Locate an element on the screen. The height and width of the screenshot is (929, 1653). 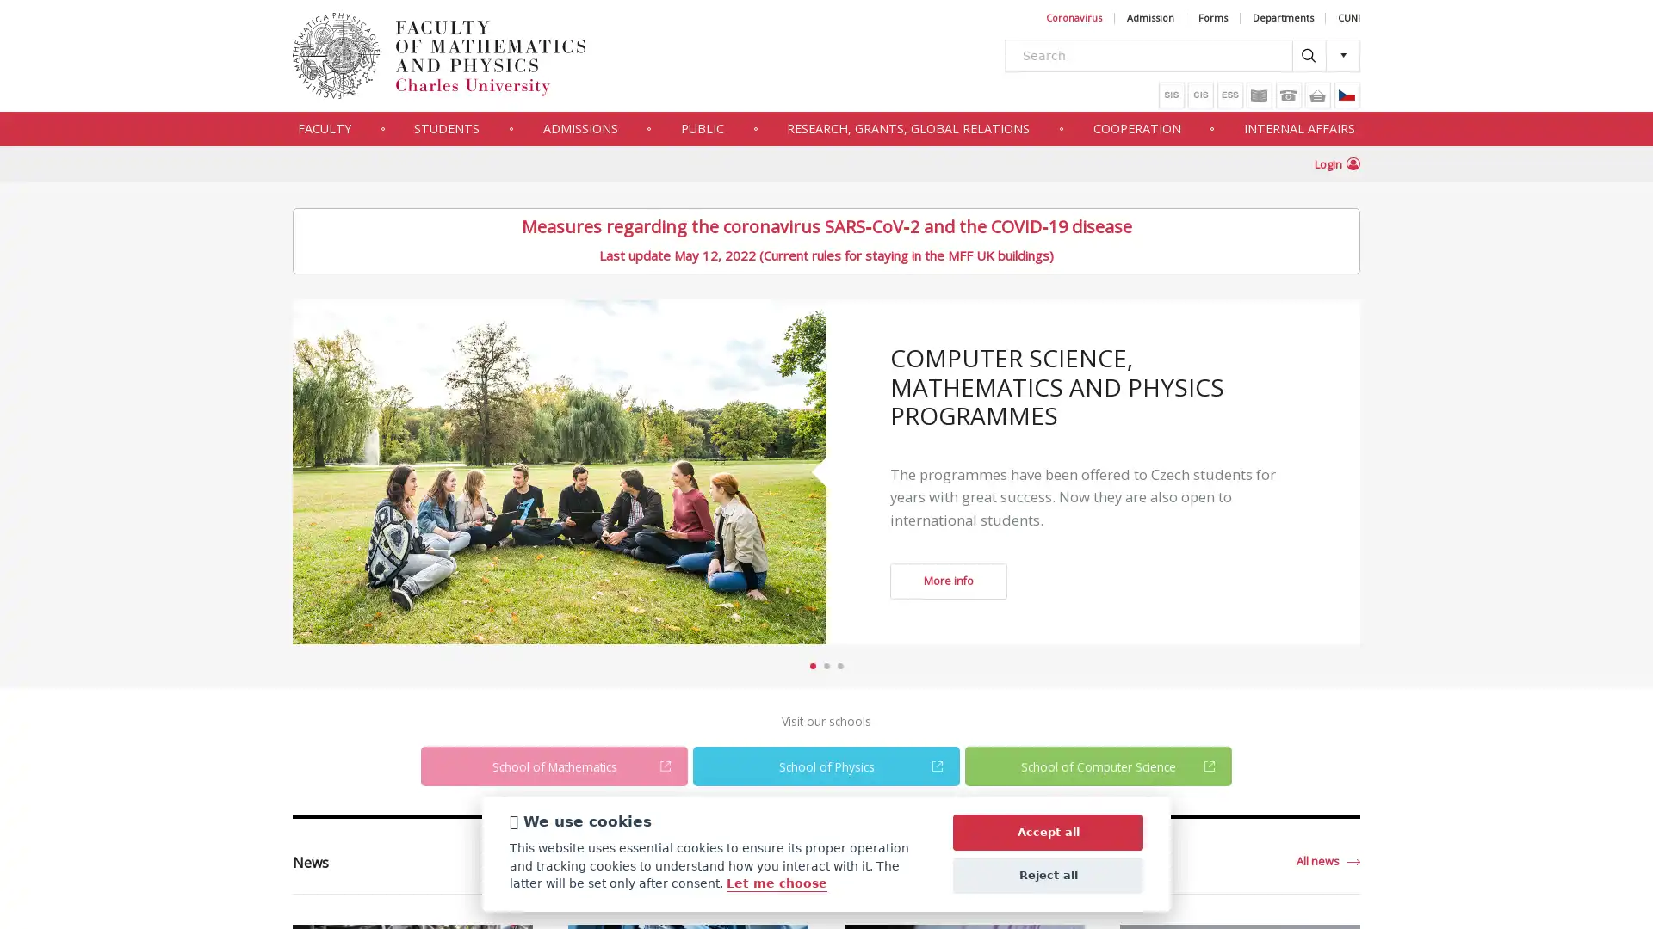
Accept all is located at coordinates (1047, 832).